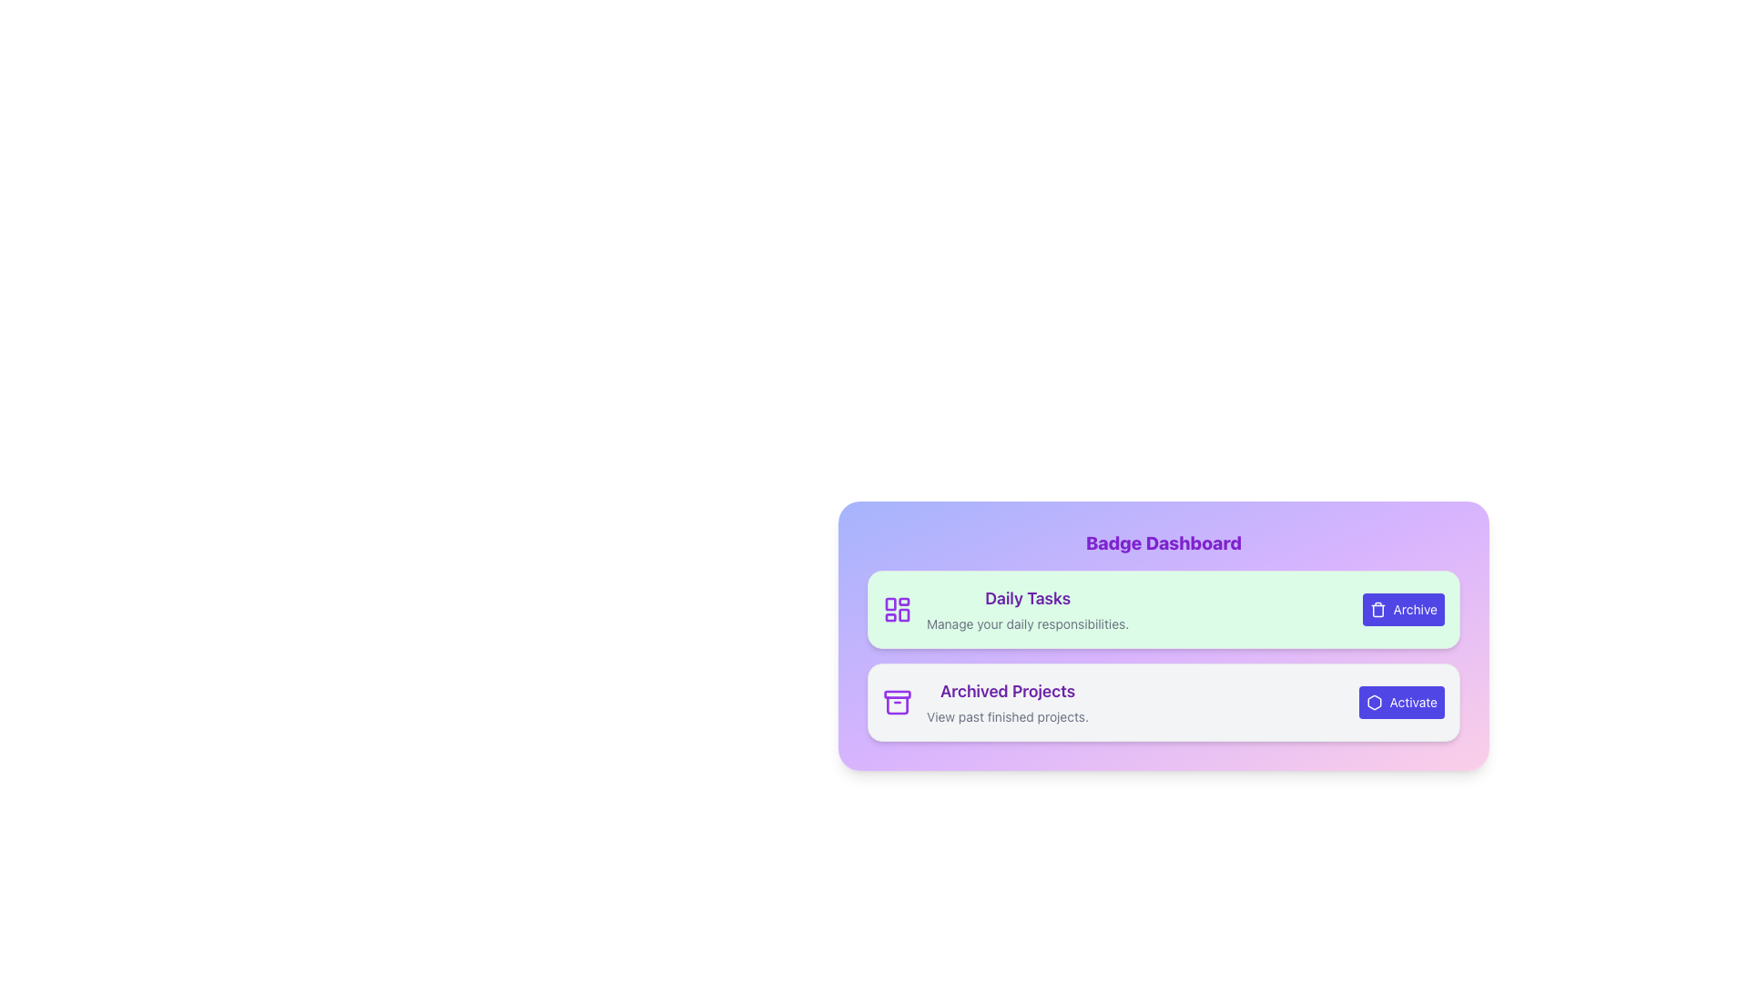  I want to click on the 'Activate' button with a blue background and white text located at the bottom right corner of the 'Archived Projects' card, so click(1400, 701).